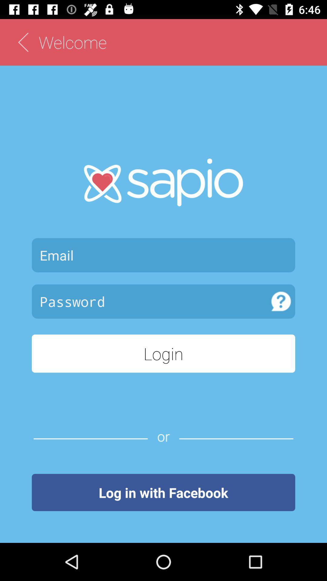 Image resolution: width=327 pixels, height=581 pixels. I want to click on the item to the left of the welcome item, so click(23, 42).